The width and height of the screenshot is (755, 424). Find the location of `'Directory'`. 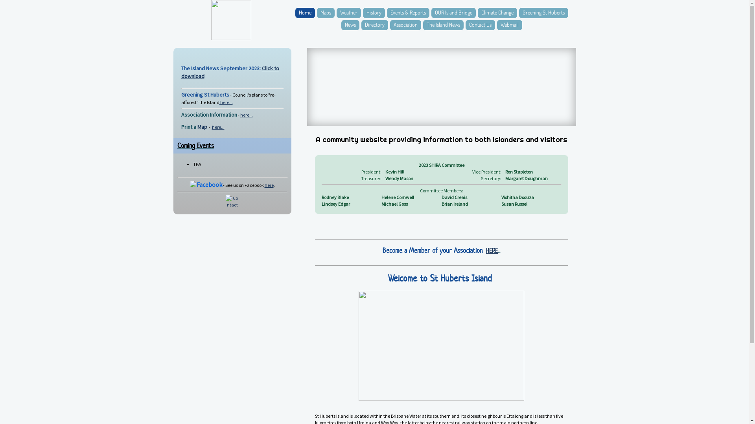

'Directory' is located at coordinates (360, 25).